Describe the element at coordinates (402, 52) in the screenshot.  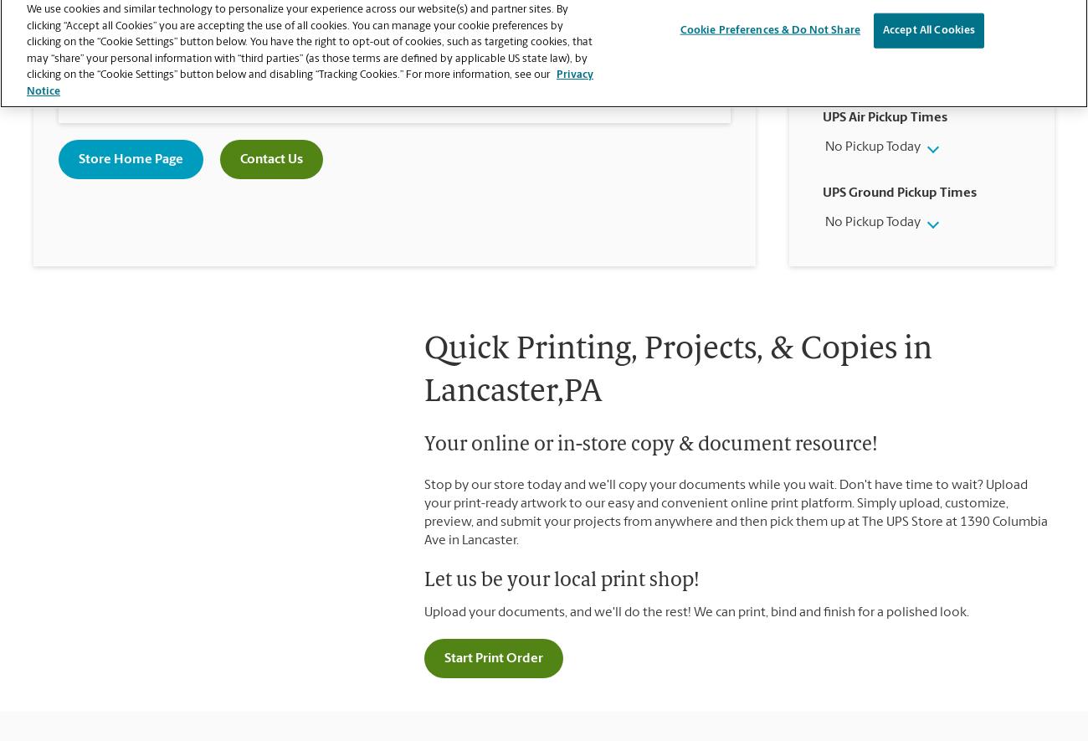
I see `'store3413@theupsstore.com'` at that location.